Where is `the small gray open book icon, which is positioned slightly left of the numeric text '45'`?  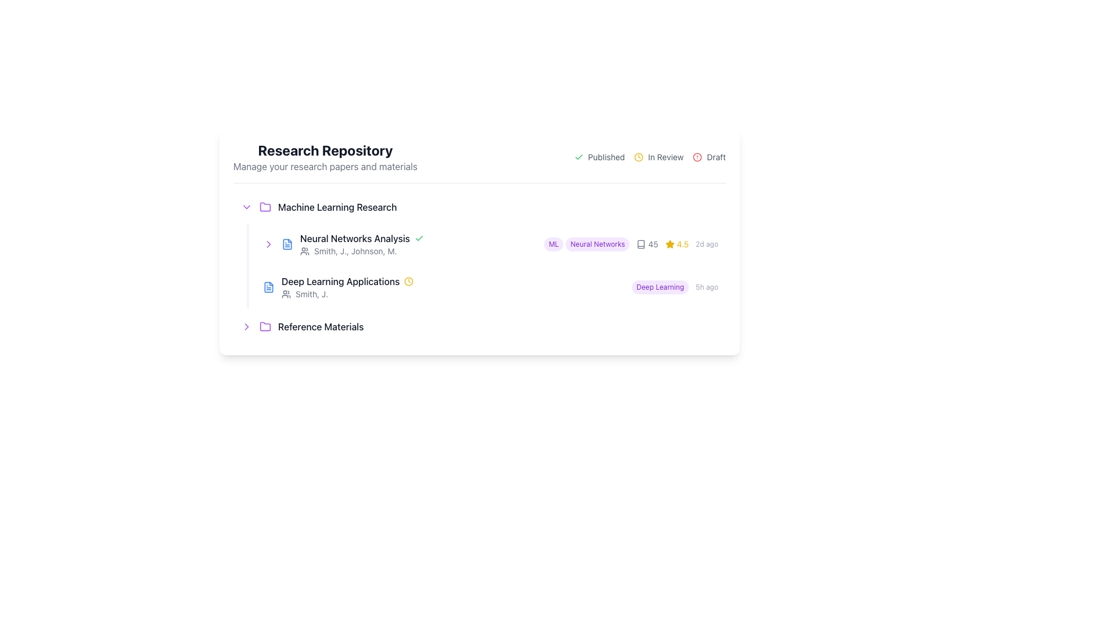 the small gray open book icon, which is positioned slightly left of the numeric text '45' is located at coordinates (641, 243).